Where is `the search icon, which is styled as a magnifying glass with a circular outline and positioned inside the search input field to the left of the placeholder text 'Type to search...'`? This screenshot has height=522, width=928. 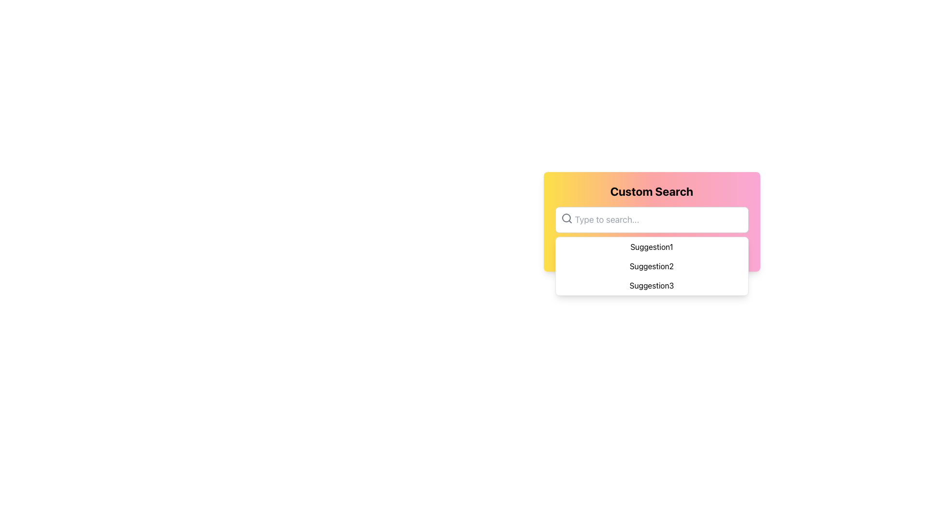
the search icon, which is styled as a magnifying glass with a circular outline and positioned inside the search input field to the left of the placeholder text 'Type to search...' is located at coordinates (566, 218).